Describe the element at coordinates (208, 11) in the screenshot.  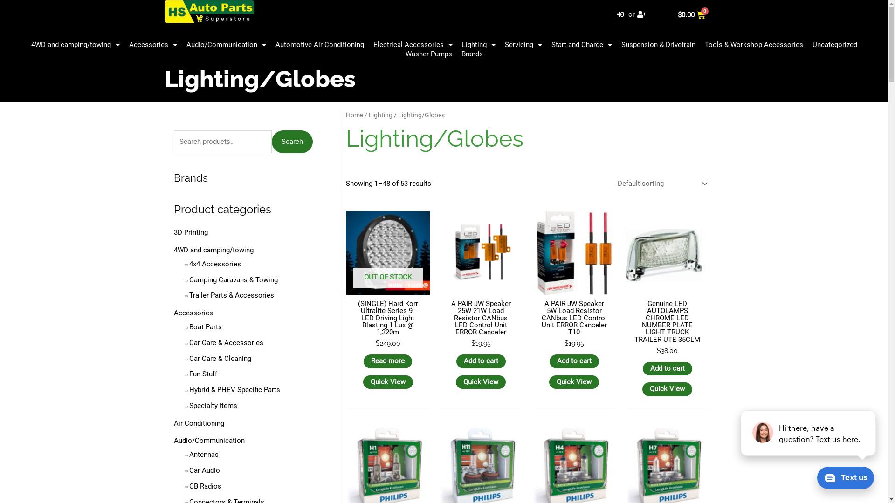
I see `'Hs Motors Logo'` at that location.